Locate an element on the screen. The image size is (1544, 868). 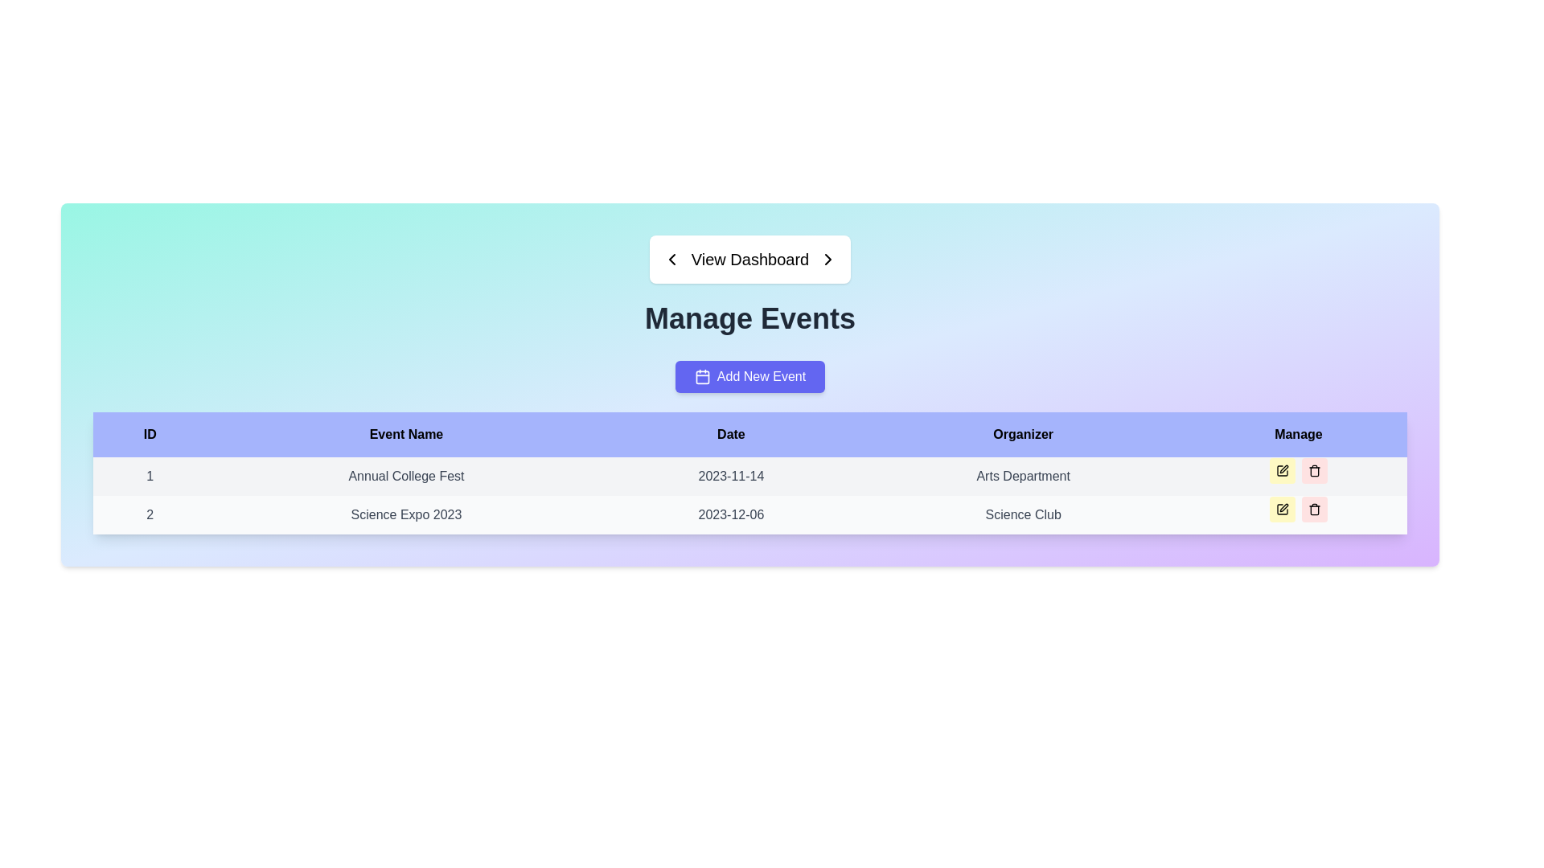
the right-facing arrow icon button located adjacent to the text 'View Dashboard' is located at coordinates (828, 259).